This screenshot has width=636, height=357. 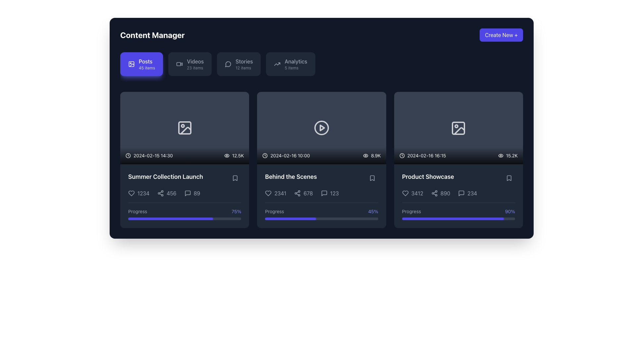 I want to click on the bookmark icon located in the upper-right corner of the 'Summer Collection Launch' content card to bookmark the item, so click(x=235, y=178).